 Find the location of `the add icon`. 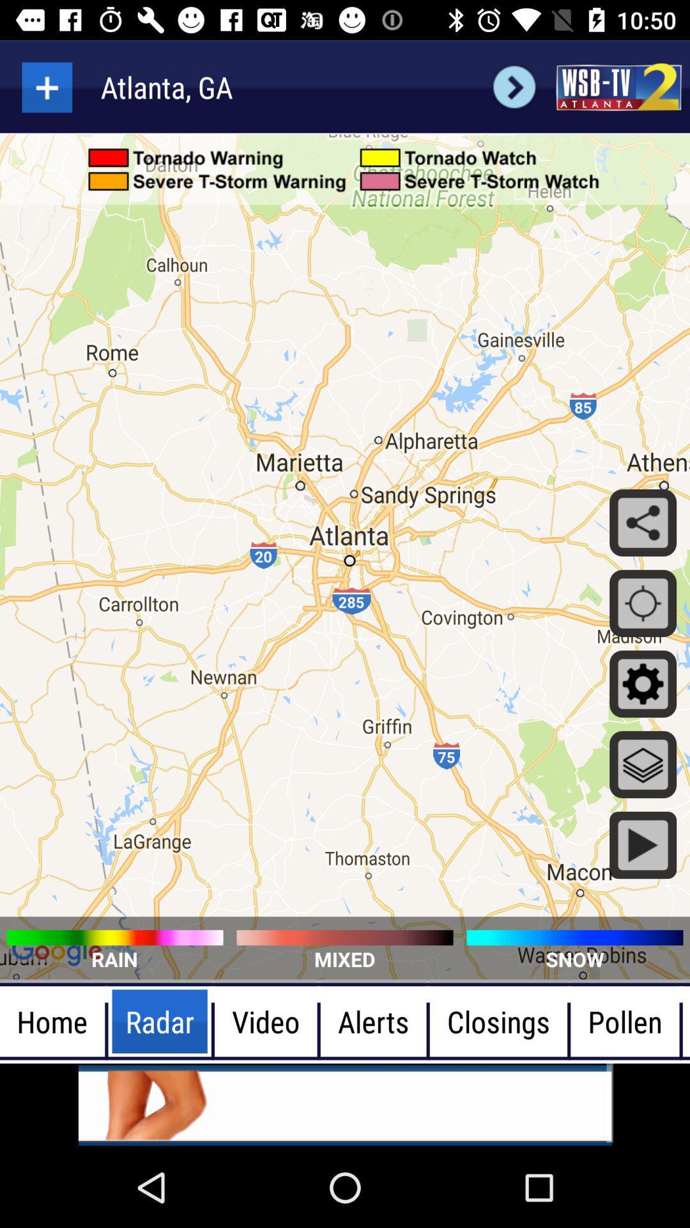

the add icon is located at coordinates (46, 86).